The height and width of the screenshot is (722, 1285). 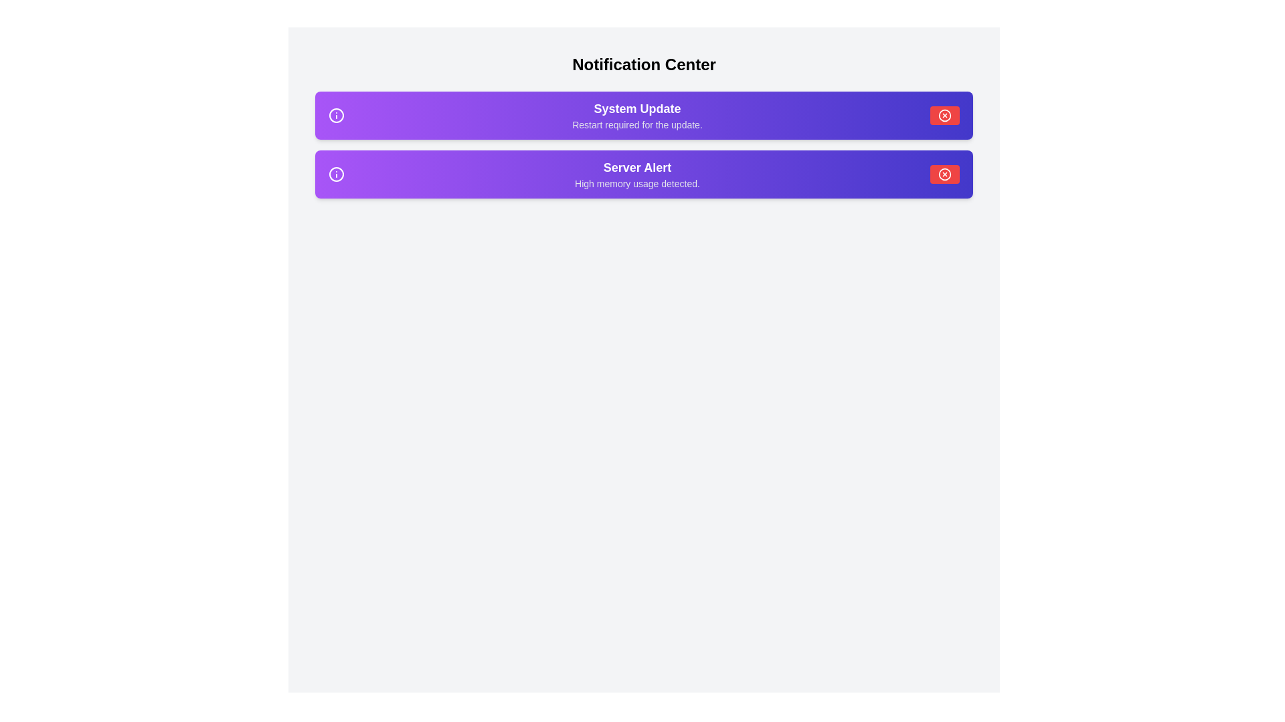 I want to click on the 'System Update' notification to view its details, so click(x=643, y=115).